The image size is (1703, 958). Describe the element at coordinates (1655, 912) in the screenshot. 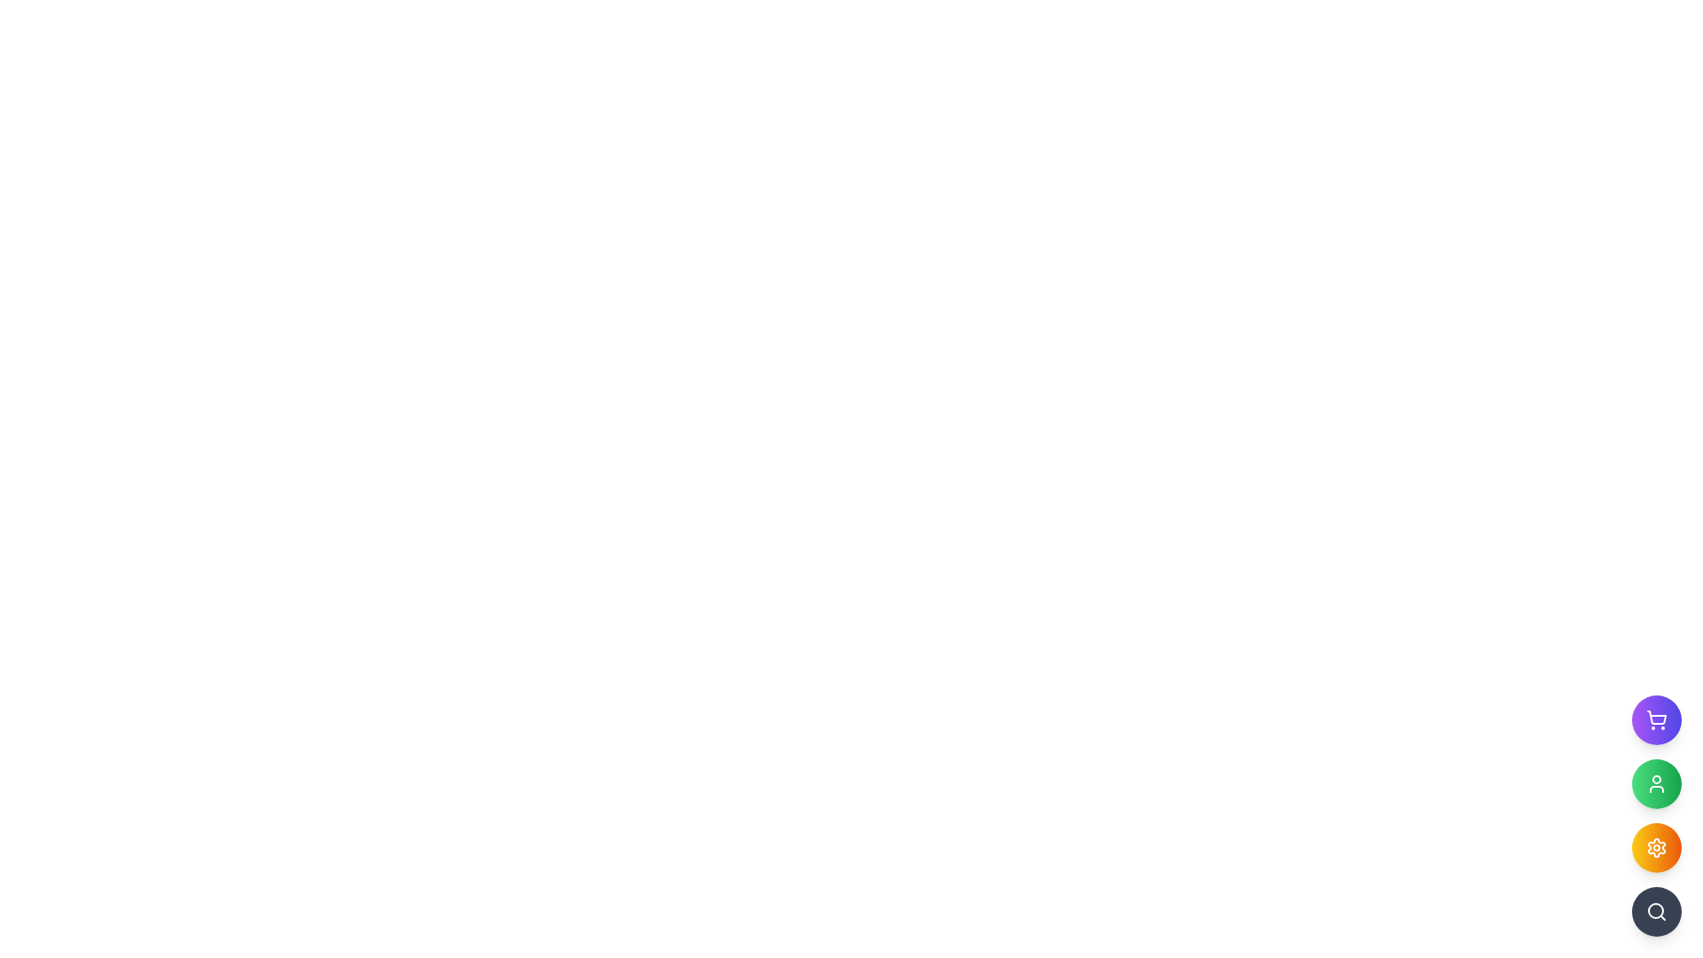

I see `the bottom-most circular button icon on the right side of the interface to initiate a search action` at that location.